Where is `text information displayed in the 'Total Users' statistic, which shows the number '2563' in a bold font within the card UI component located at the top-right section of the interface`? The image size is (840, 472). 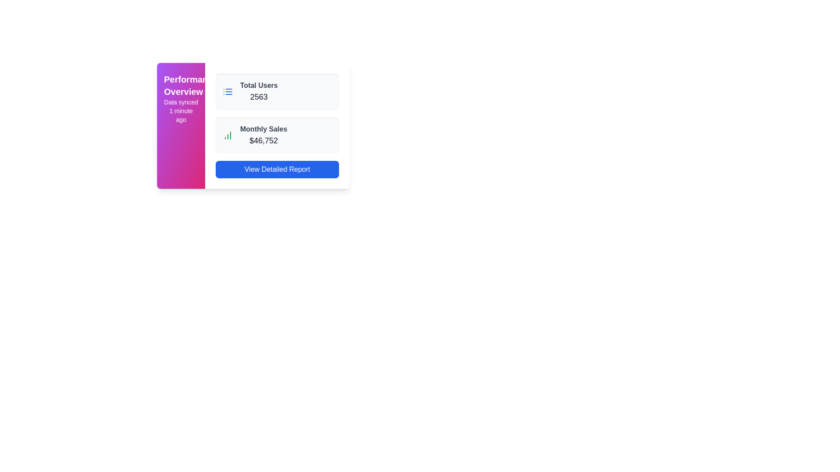
text information displayed in the 'Total Users' statistic, which shows the number '2563' in a bold font within the card UI component located at the top-right section of the interface is located at coordinates (258, 91).